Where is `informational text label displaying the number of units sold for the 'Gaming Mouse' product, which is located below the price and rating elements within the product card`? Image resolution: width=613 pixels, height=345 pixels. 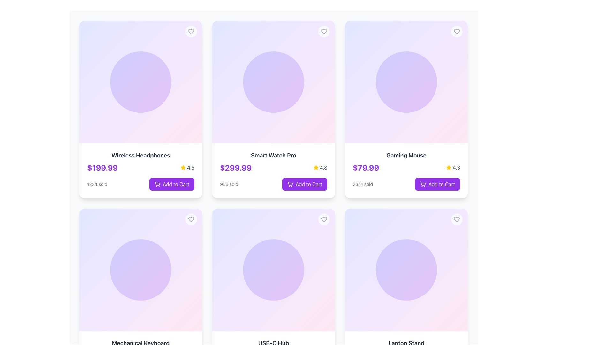 informational text label displaying the number of units sold for the 'Gaming Mouse' product, which is located below the price and rating elements within the product card is located at coordinates (363, 184).